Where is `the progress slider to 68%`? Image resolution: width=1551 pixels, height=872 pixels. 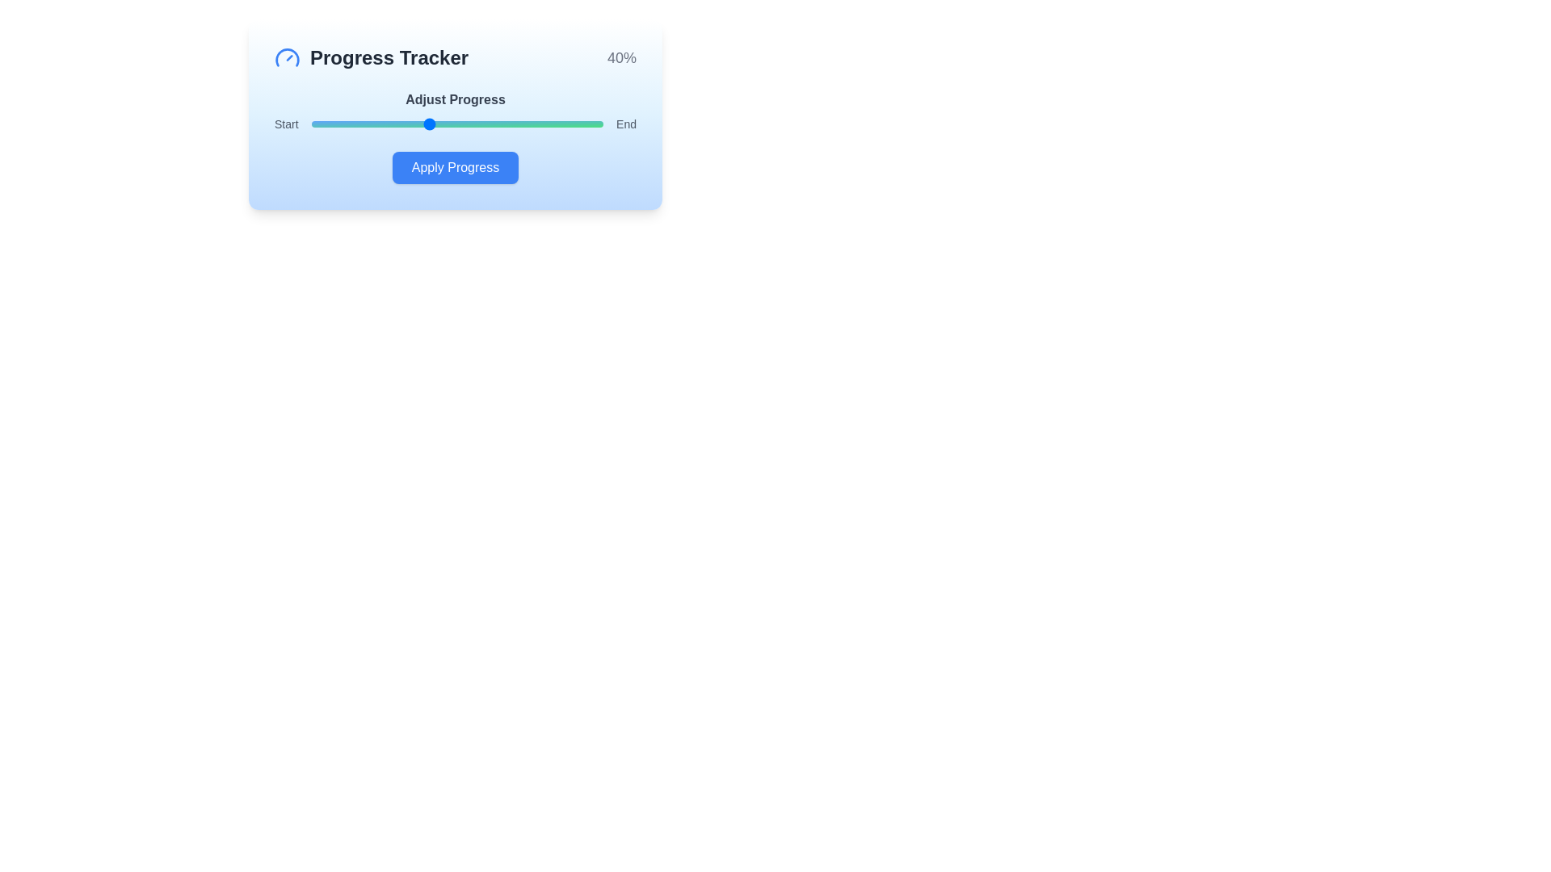
the progress slider to 68% is located at coordinates (509, 124).